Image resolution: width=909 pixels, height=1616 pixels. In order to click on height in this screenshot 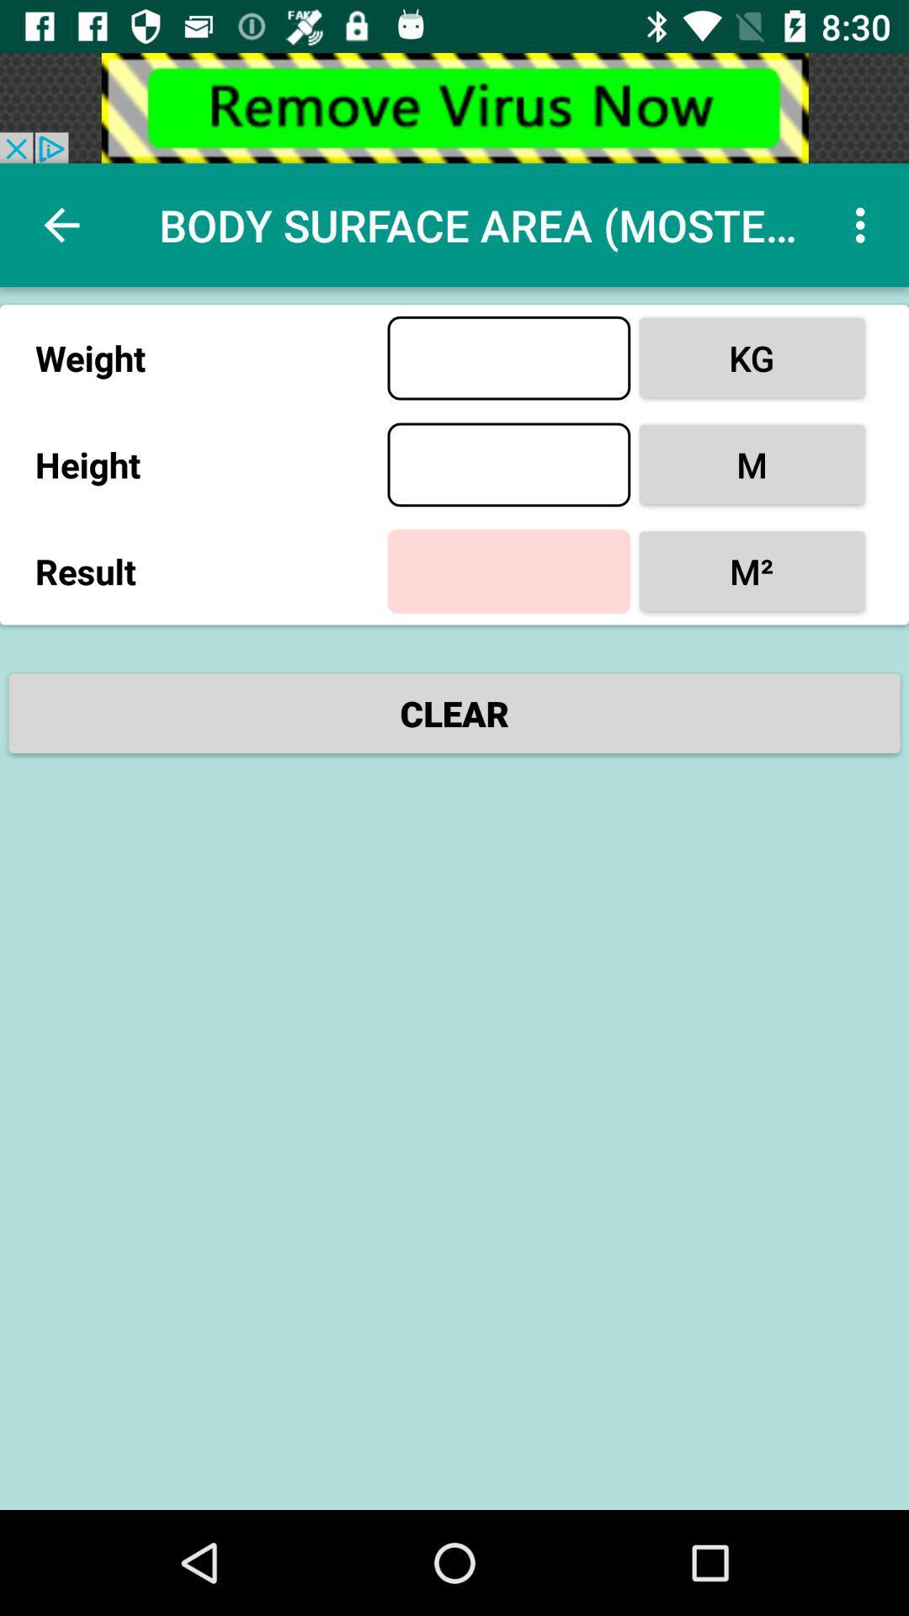, I will do `click(508, 465)`.